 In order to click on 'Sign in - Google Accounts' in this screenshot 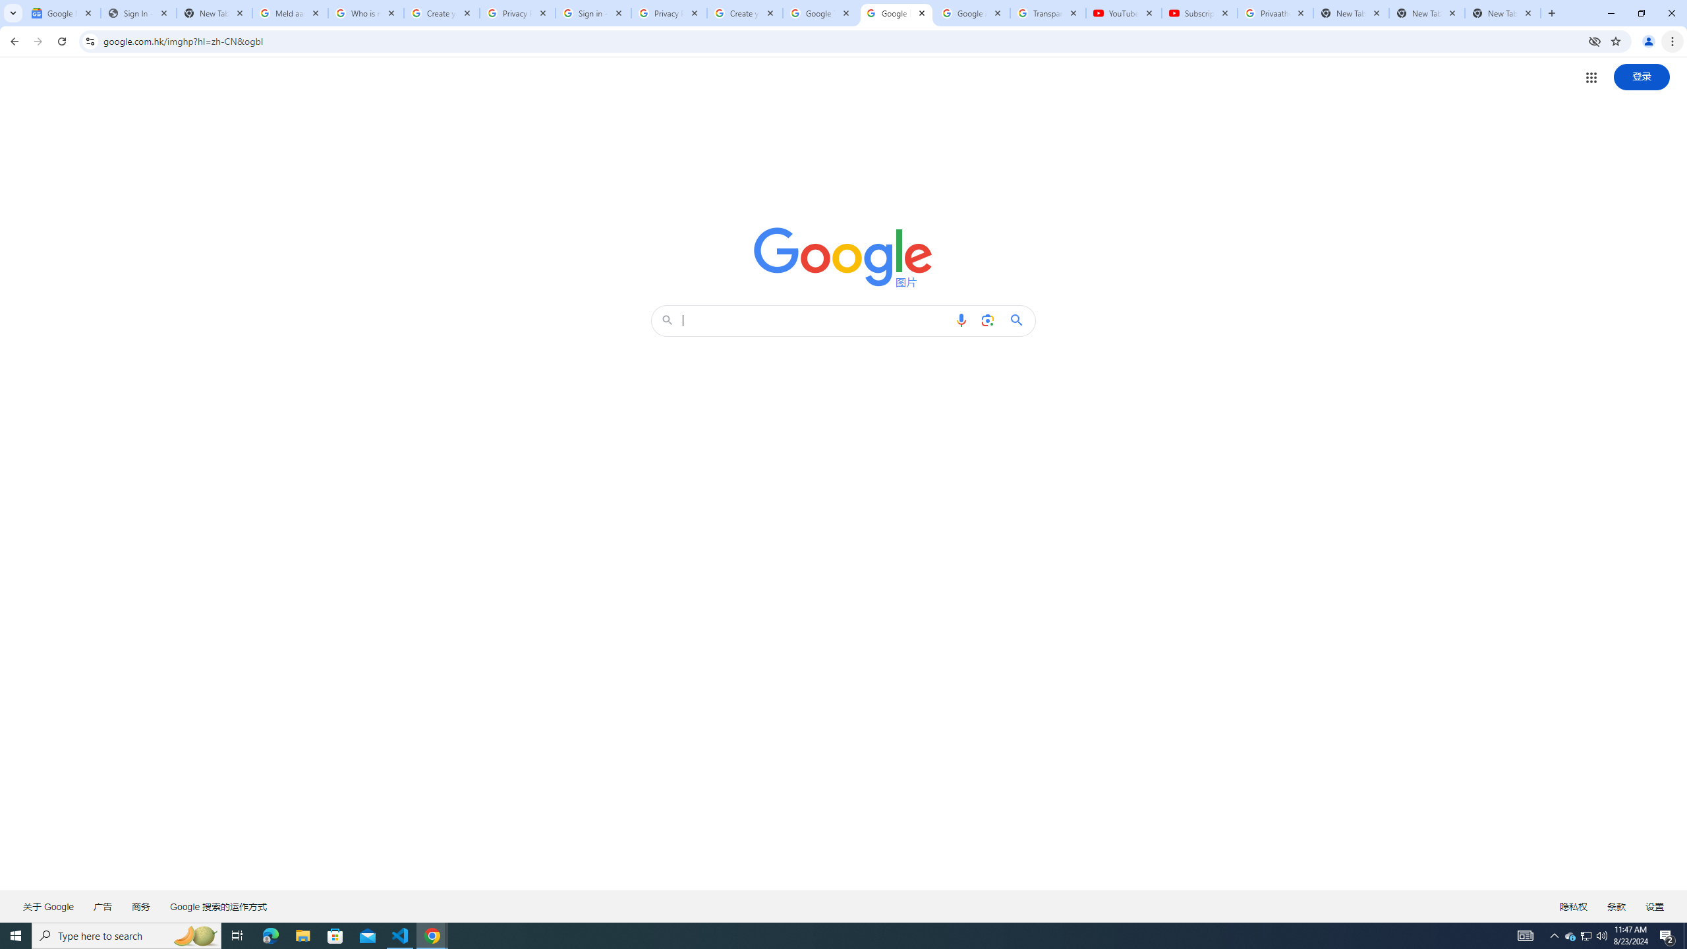, I will do `click(593, 13)`.